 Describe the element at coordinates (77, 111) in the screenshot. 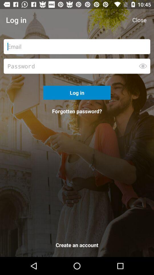

I see `the icon above create an account` at that location.